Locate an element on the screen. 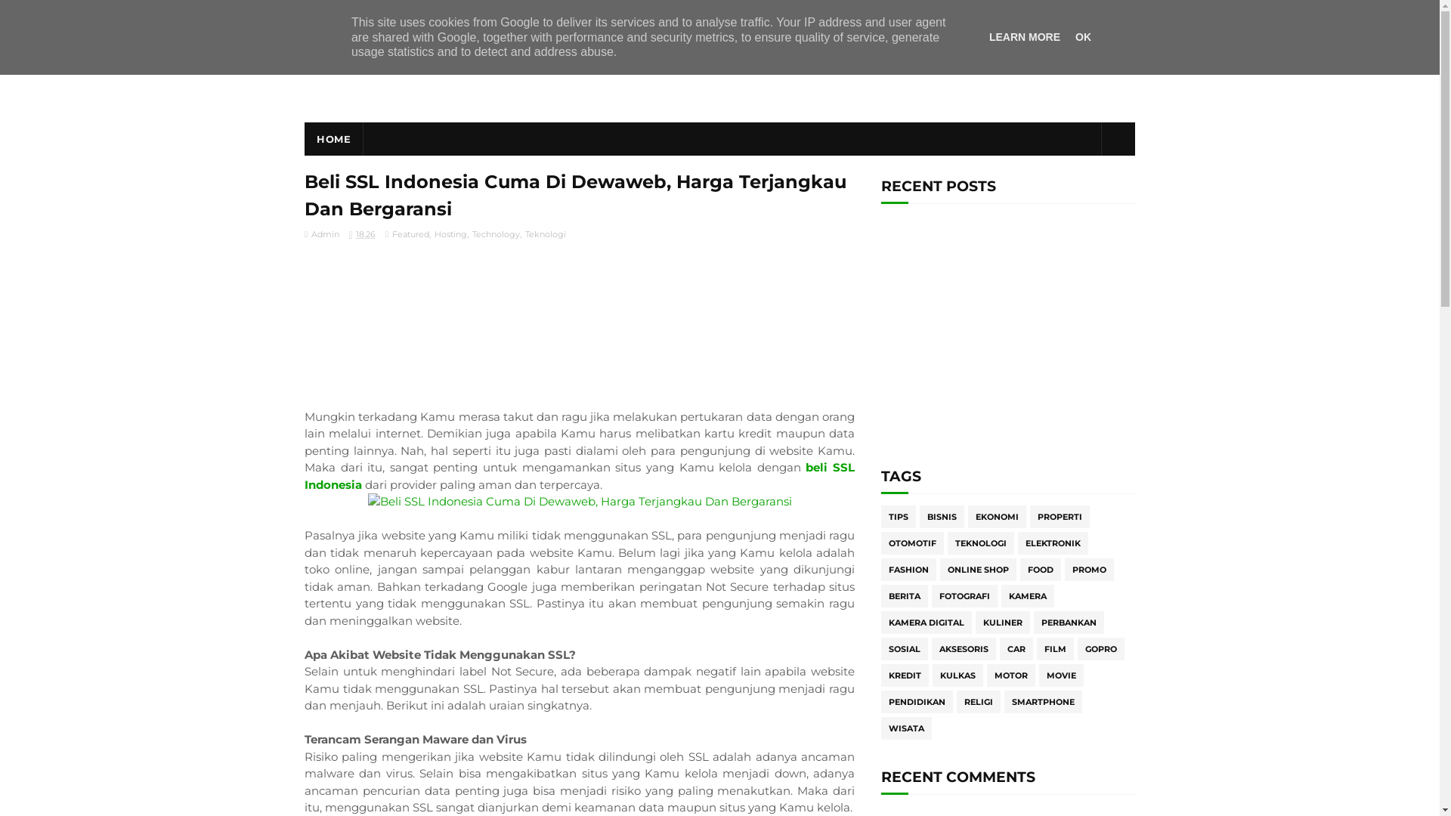  'TIPS' is located at coordinates (899, 515).